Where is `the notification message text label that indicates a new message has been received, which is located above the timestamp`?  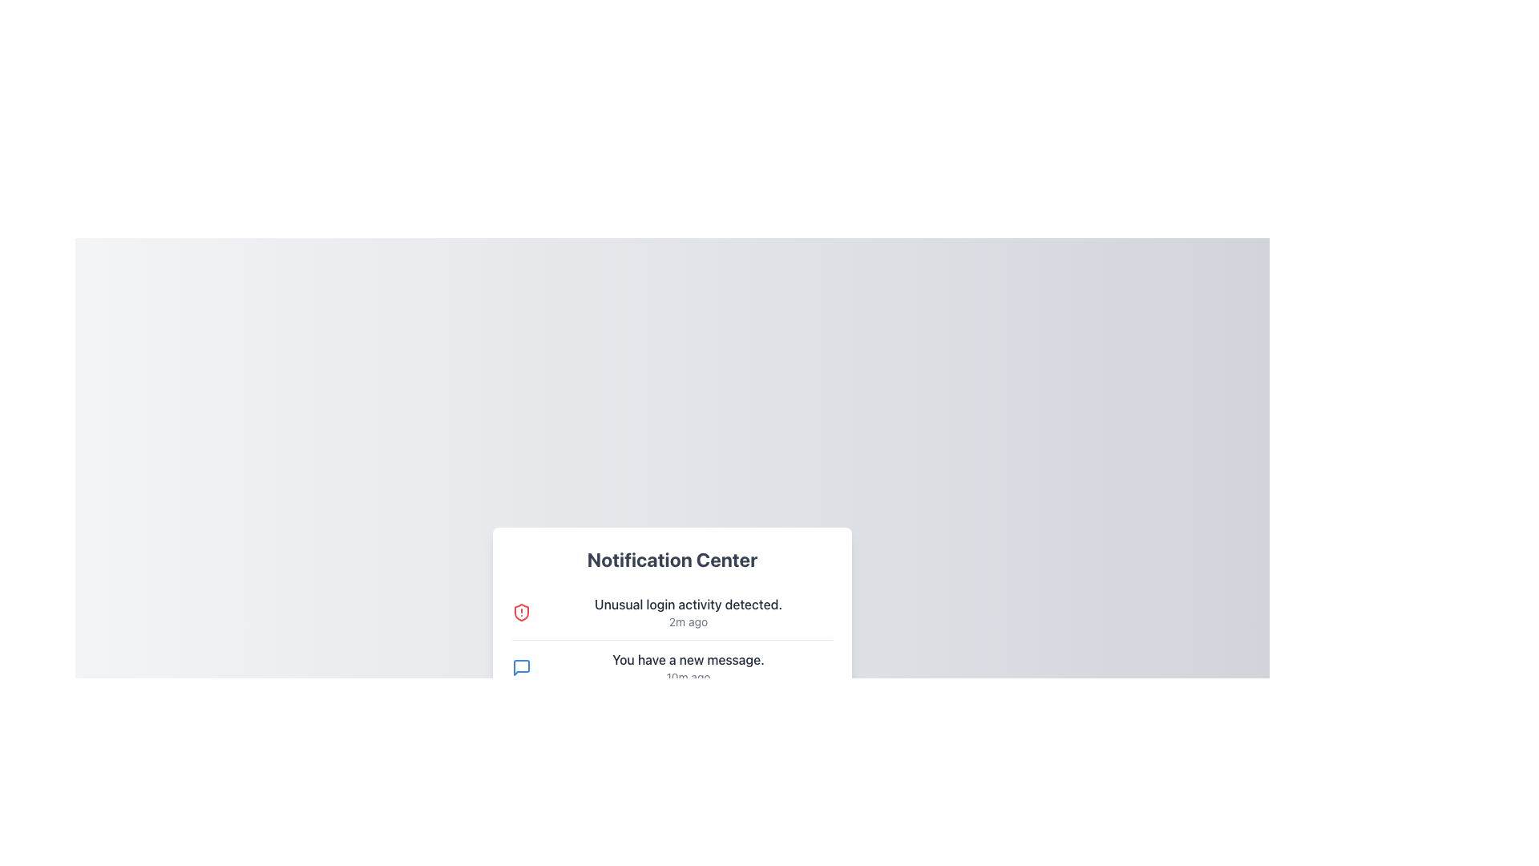 the notification message text label that indicates a new message has been received, which is located above the timestamp is located at coordinates (689, 659).